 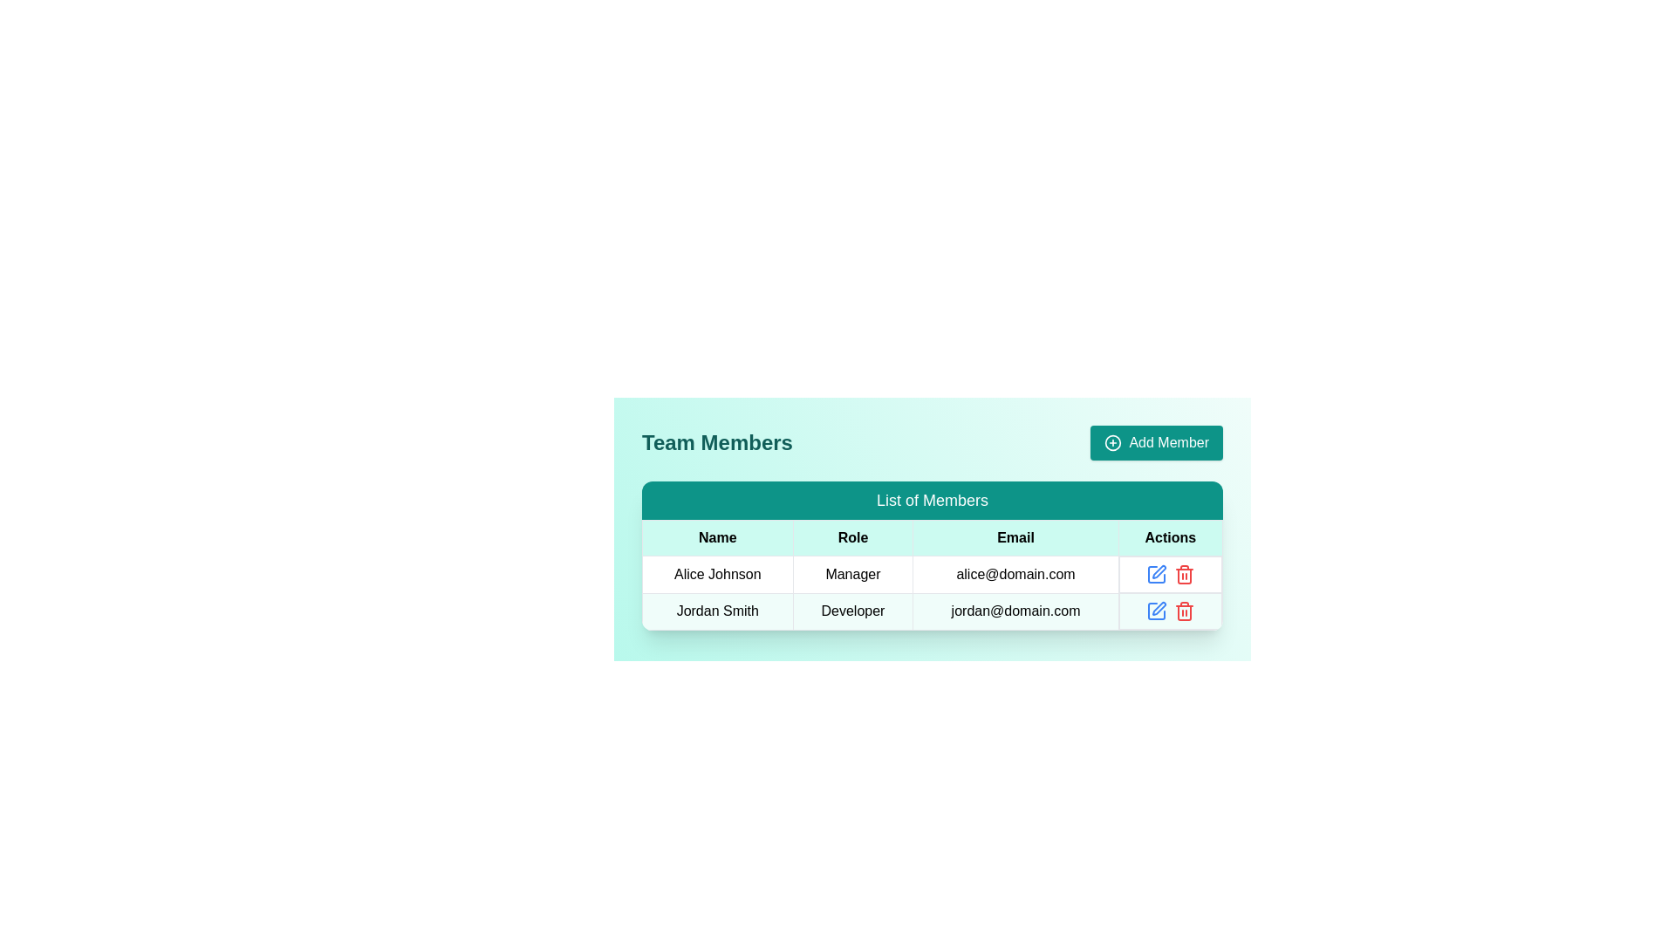 What do you see at coordinates (853, 611) in the screenshot?
I see `the label displaying the text 'Developer', which is part of a team member's role in a tabular layout` at bounding box center [853, 611].